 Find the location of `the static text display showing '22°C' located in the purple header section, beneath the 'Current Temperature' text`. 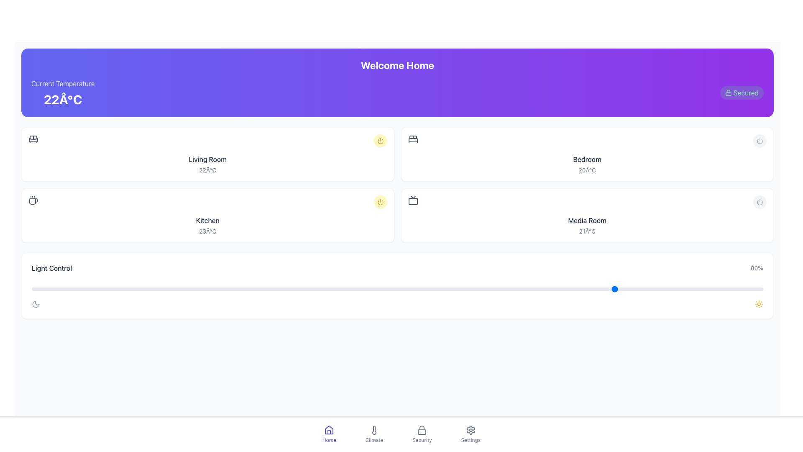

the static text display showing '22°C' located in the purple header section, beneath the 'Current Temperature' text is located at coordinates (62, 99).